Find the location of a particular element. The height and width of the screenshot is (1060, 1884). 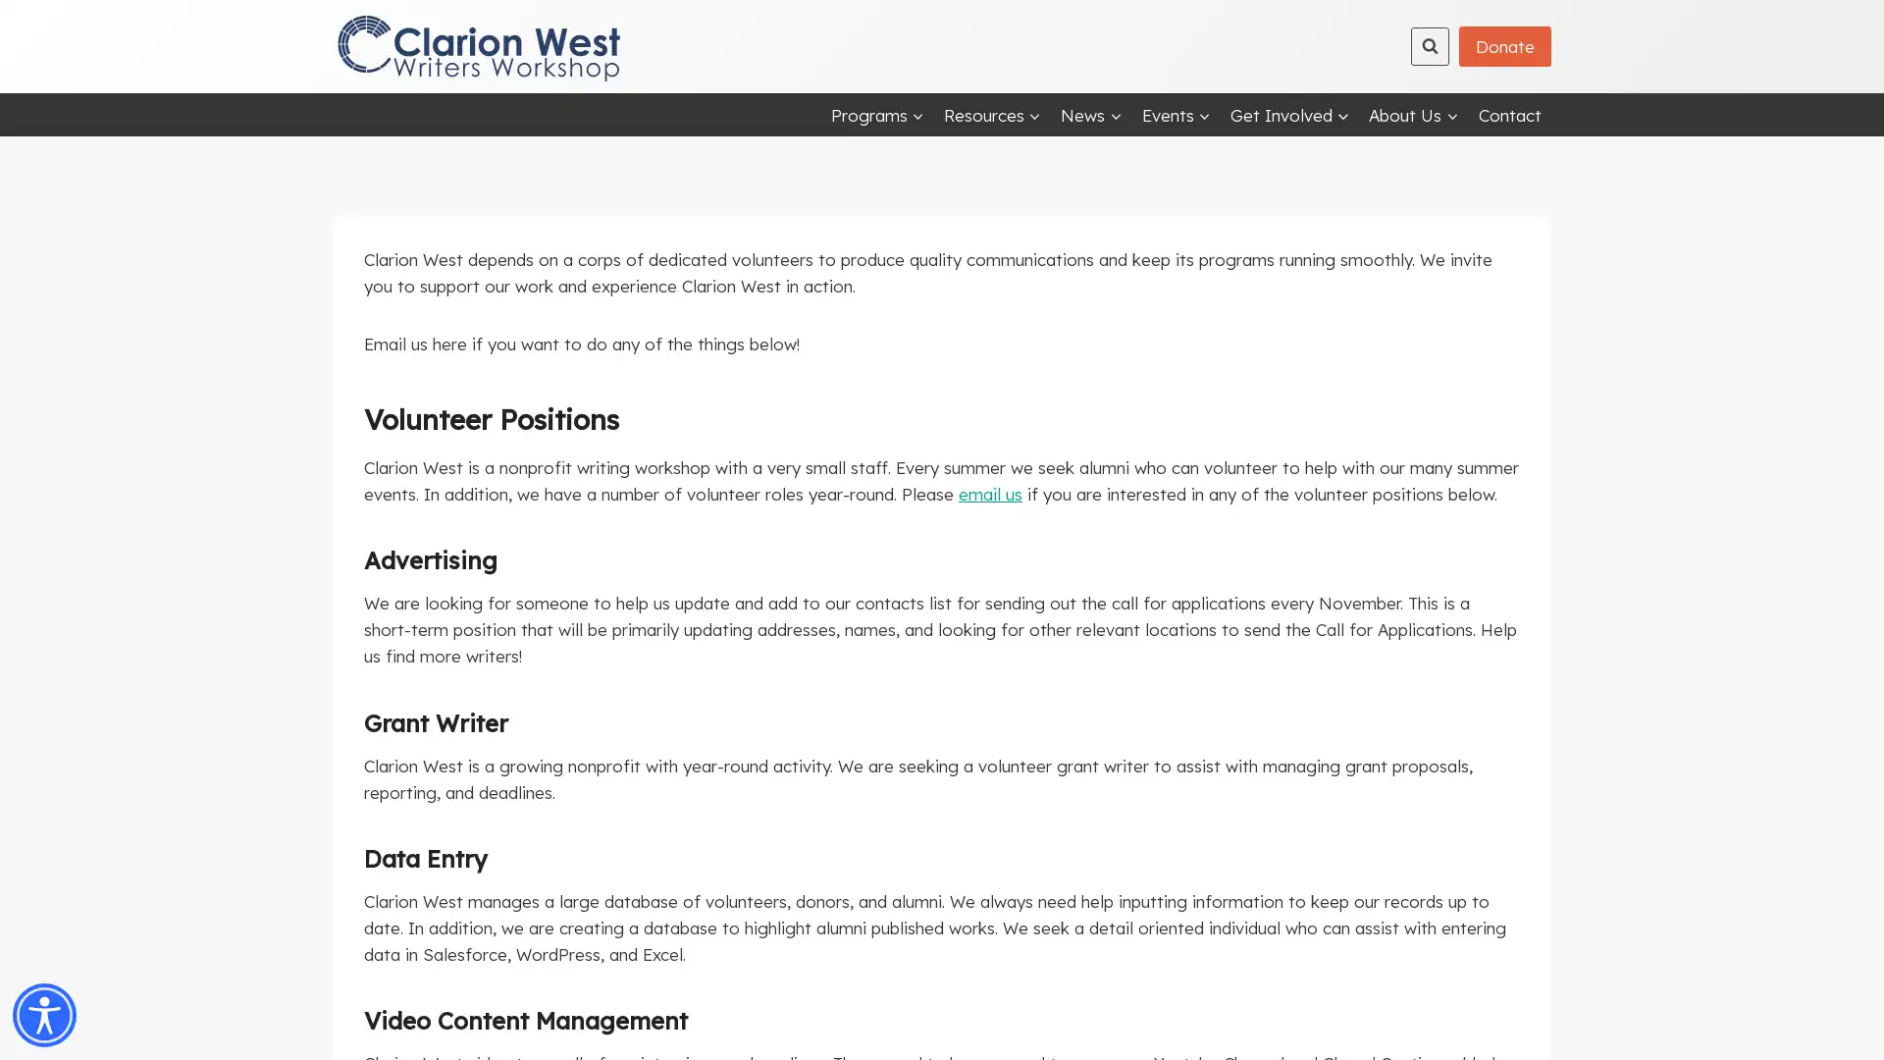

Expand child menu is located at coordinates (1090, 114).